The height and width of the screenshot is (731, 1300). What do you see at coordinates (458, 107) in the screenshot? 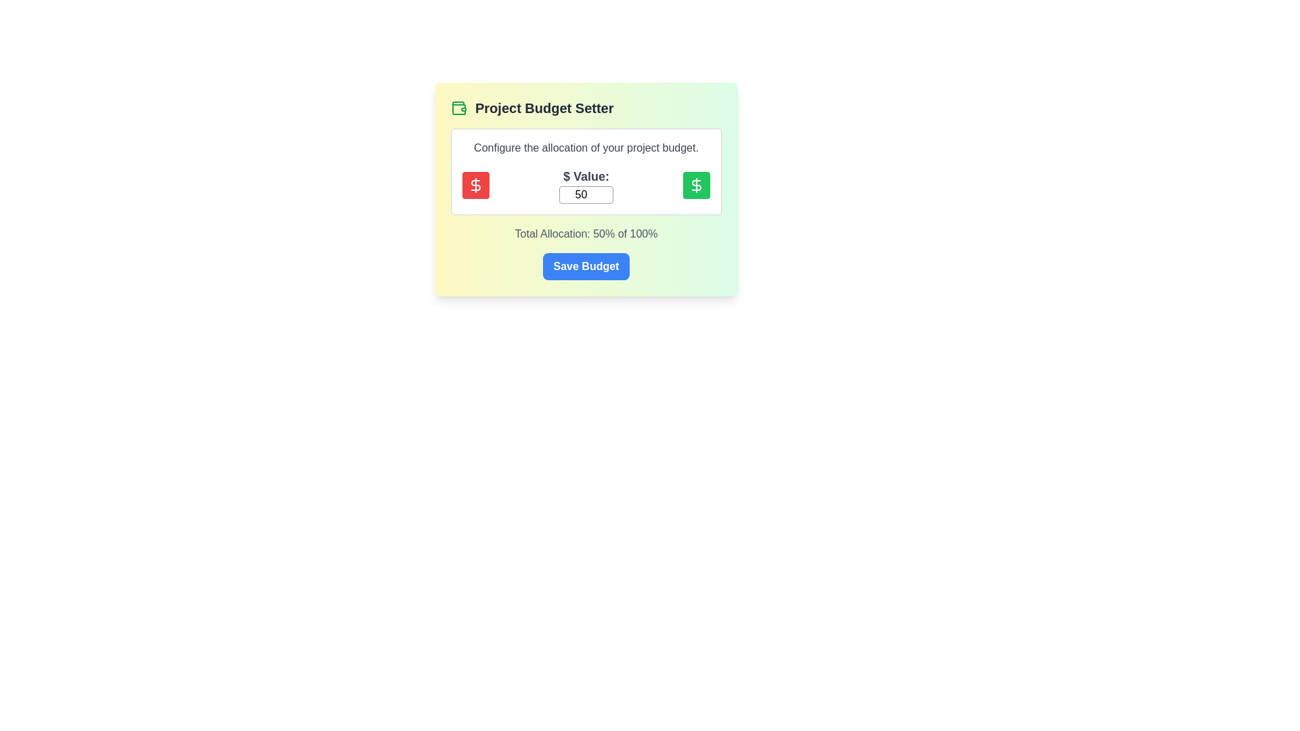
I see `the wallet icon with a green outline located at the top-left corner of the 'Project Budget Setter' card, adjacent to the header text` at bounding box center [458, 107].